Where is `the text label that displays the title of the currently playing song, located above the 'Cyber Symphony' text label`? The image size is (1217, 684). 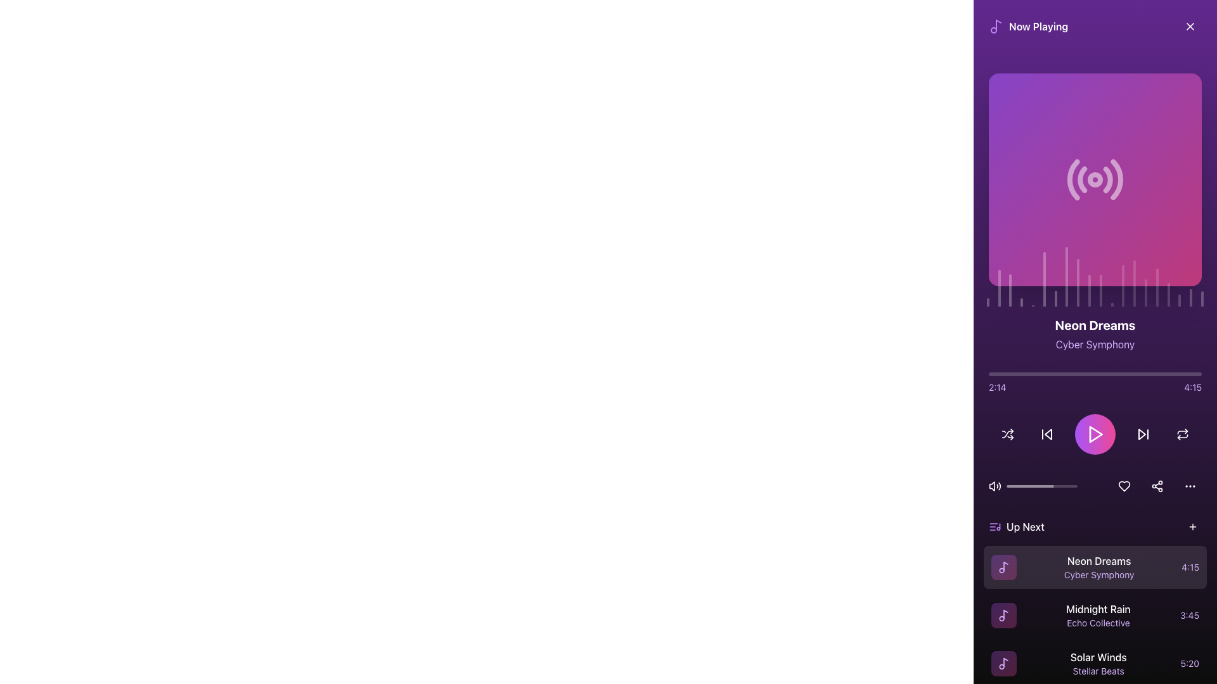
the text label that displays the title of the currently playing song, located above the 'Cyber Symphony' text label is located at coordinates (1095, 324).